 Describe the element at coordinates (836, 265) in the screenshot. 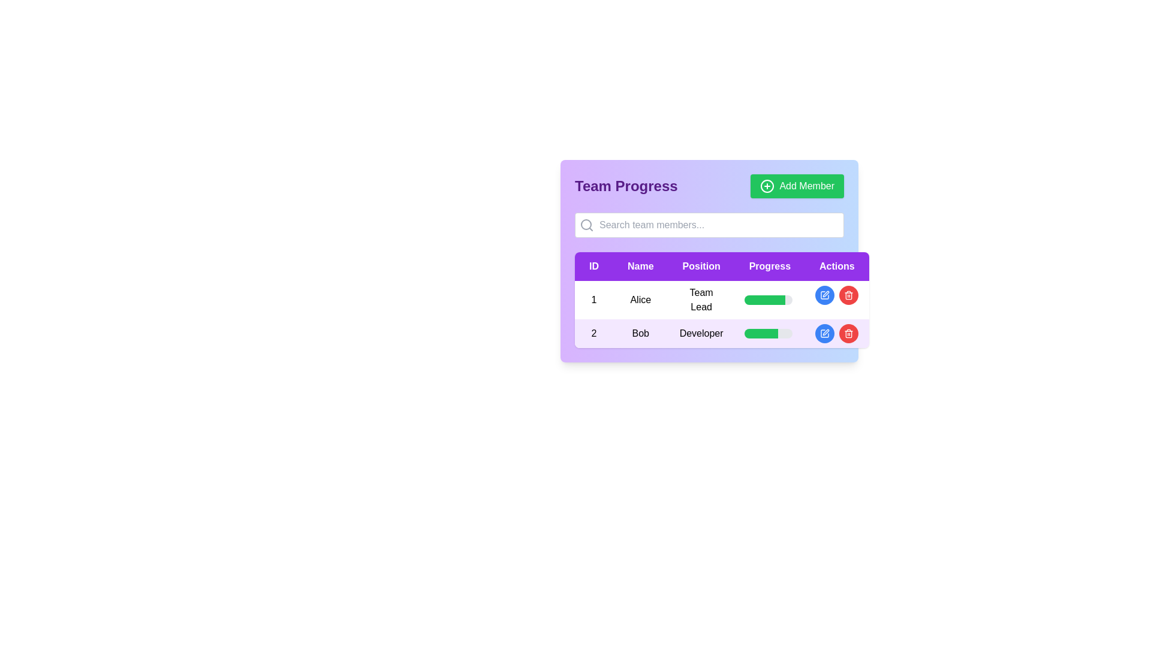

I see `the 'Actions' static text label located in the fifth column of the table header, which is displayed in white on a vibrant purple background` at that location.